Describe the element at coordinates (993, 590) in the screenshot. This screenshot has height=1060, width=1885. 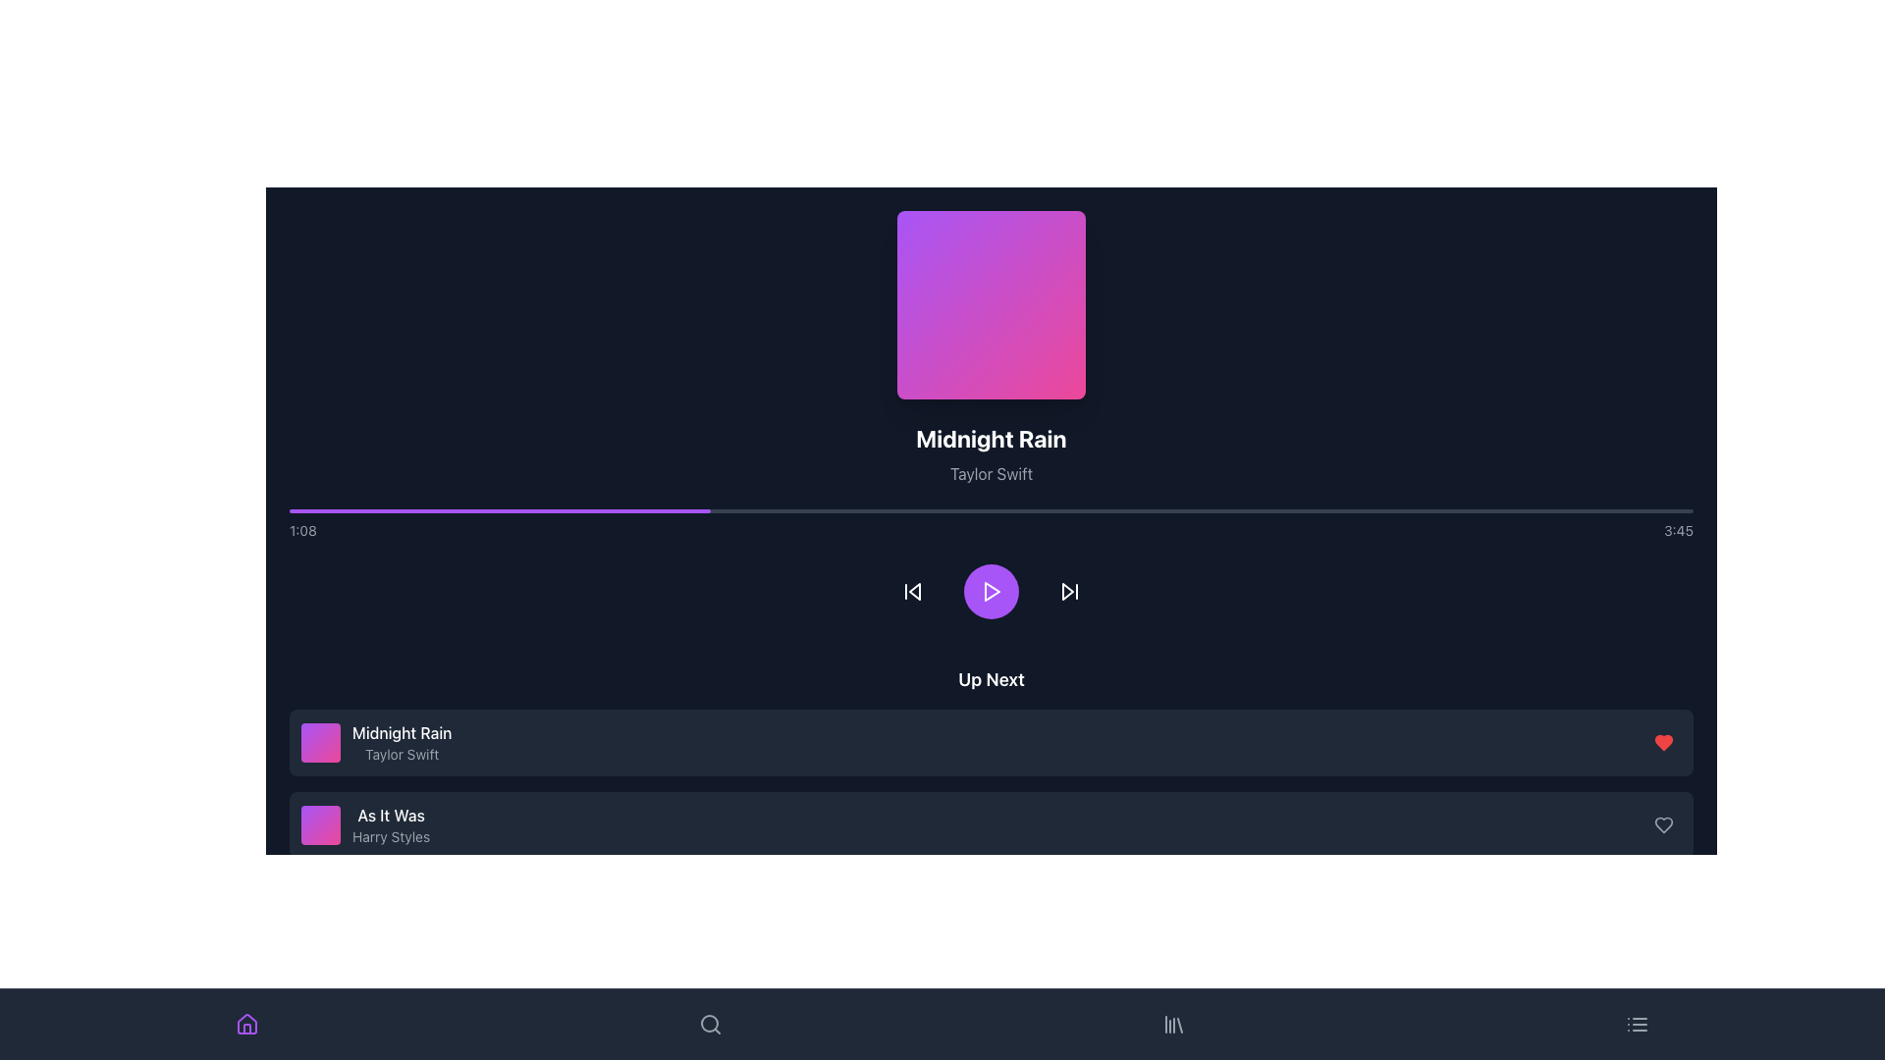
I see `the Play button icon, which is a small triangle pointing to the right, located at the center of the control bar with a purple background` at that location.